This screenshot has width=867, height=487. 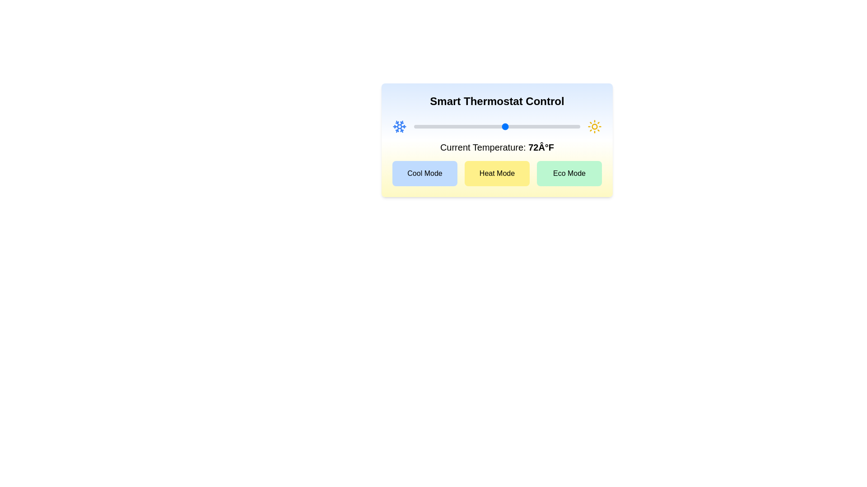 I want to click on the 'Cool Mode' button, so click(x=424, y=174).